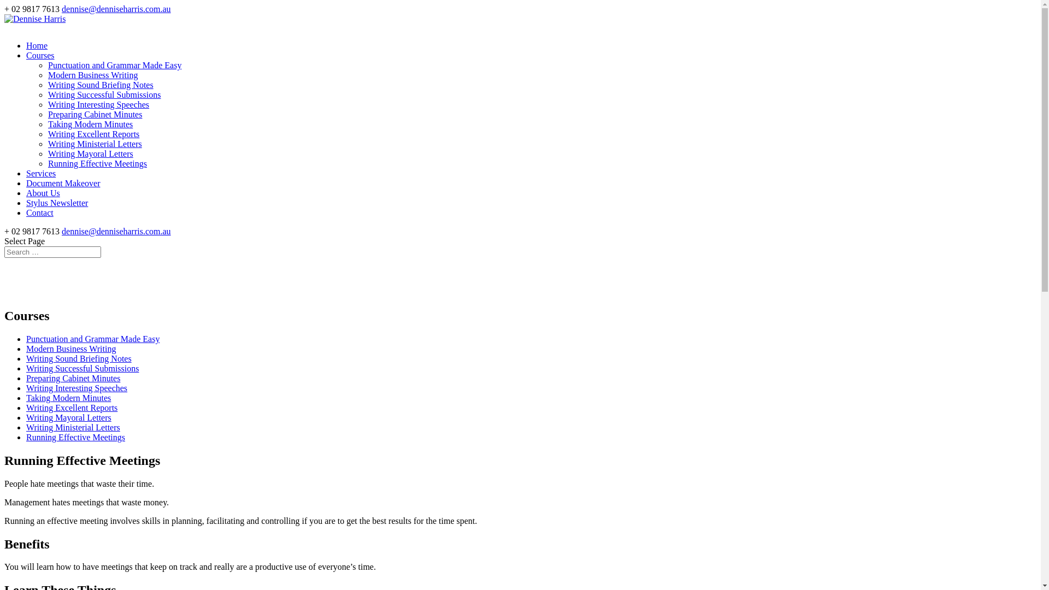  What do you see at coordinates (52, 252) in the screenshot?
I see `'Search for:'` at bounding box center [52, 252].